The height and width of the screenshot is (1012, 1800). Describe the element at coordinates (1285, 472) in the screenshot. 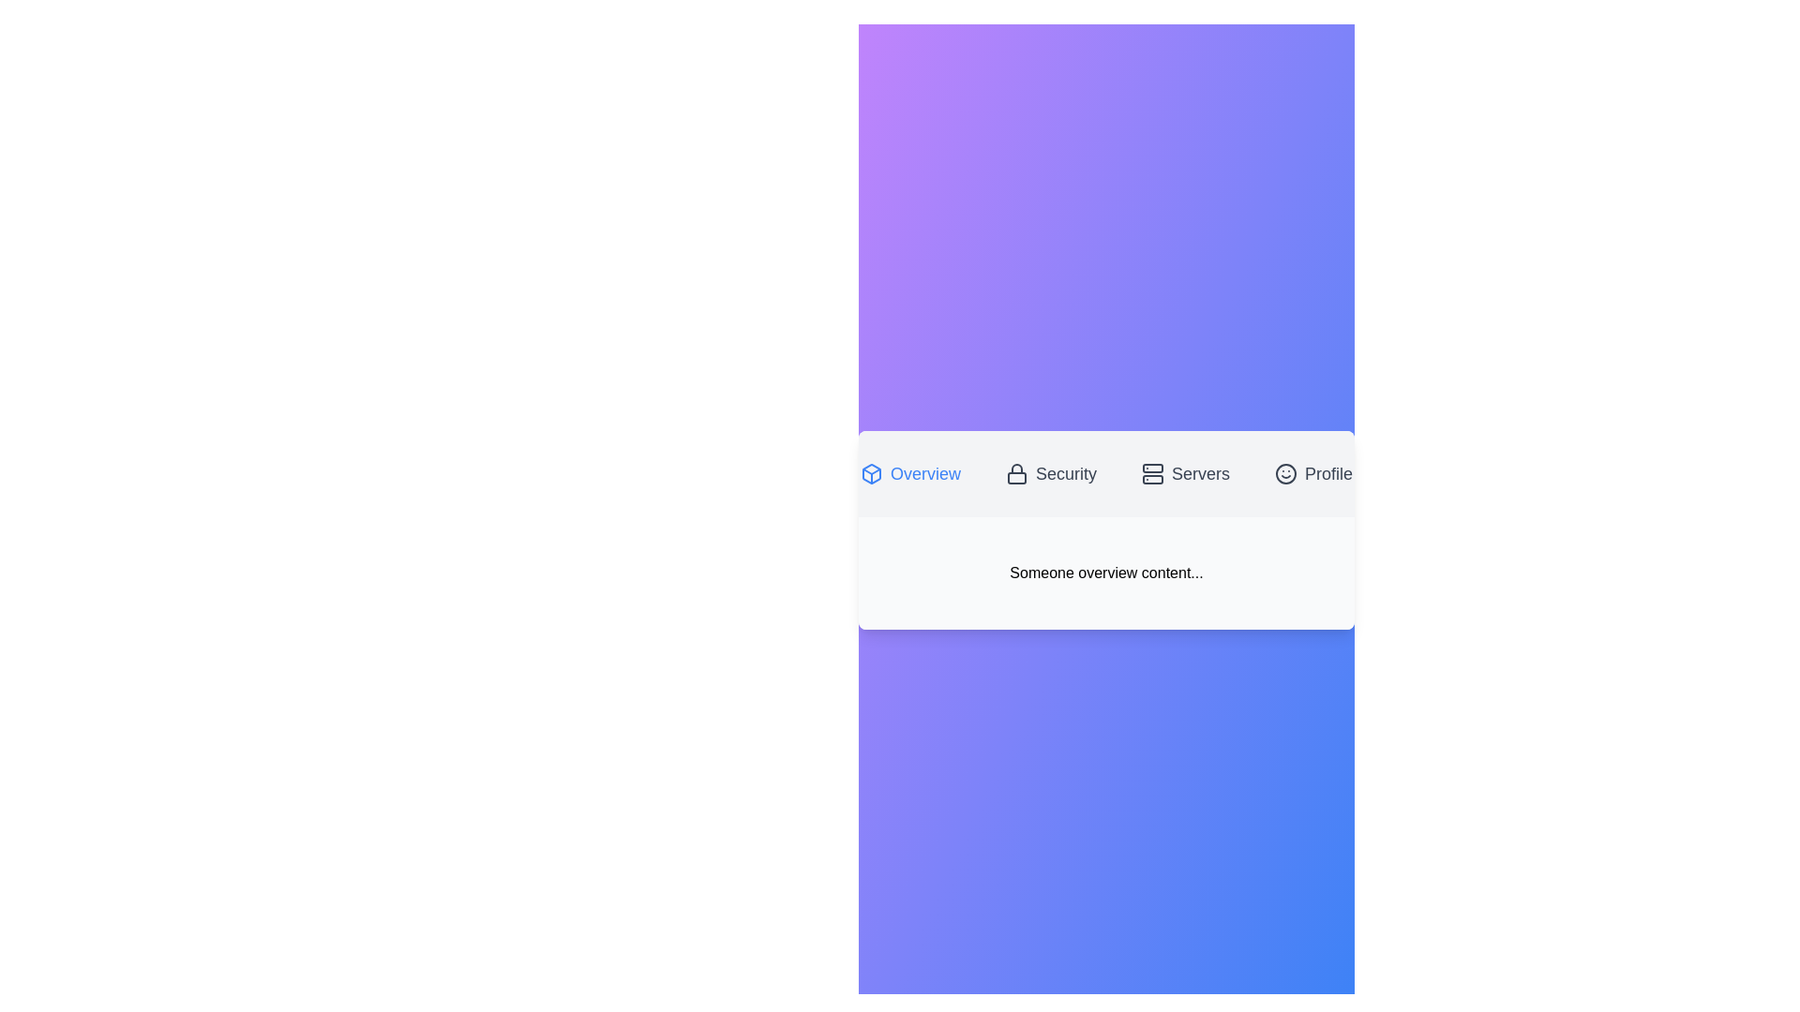

I see `the circular vector graphic representing the face boundary within the smile icon located in the top-right corner of the navigation bar` at that location.